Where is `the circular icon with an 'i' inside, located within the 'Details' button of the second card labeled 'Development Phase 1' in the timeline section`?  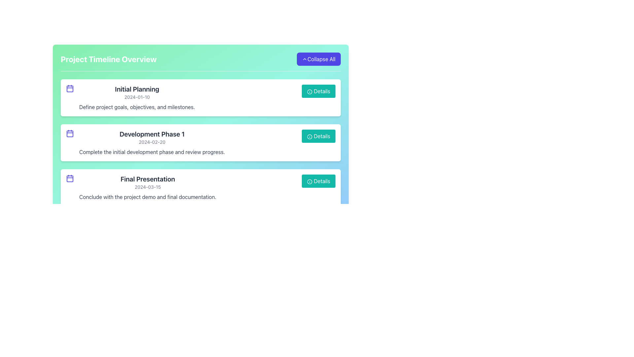
the circular icon with an 'i' inside, located within the 'Details' button of the second card labeled 'Development Phase 1' in the timeline section is located at coordinates (309, 136).